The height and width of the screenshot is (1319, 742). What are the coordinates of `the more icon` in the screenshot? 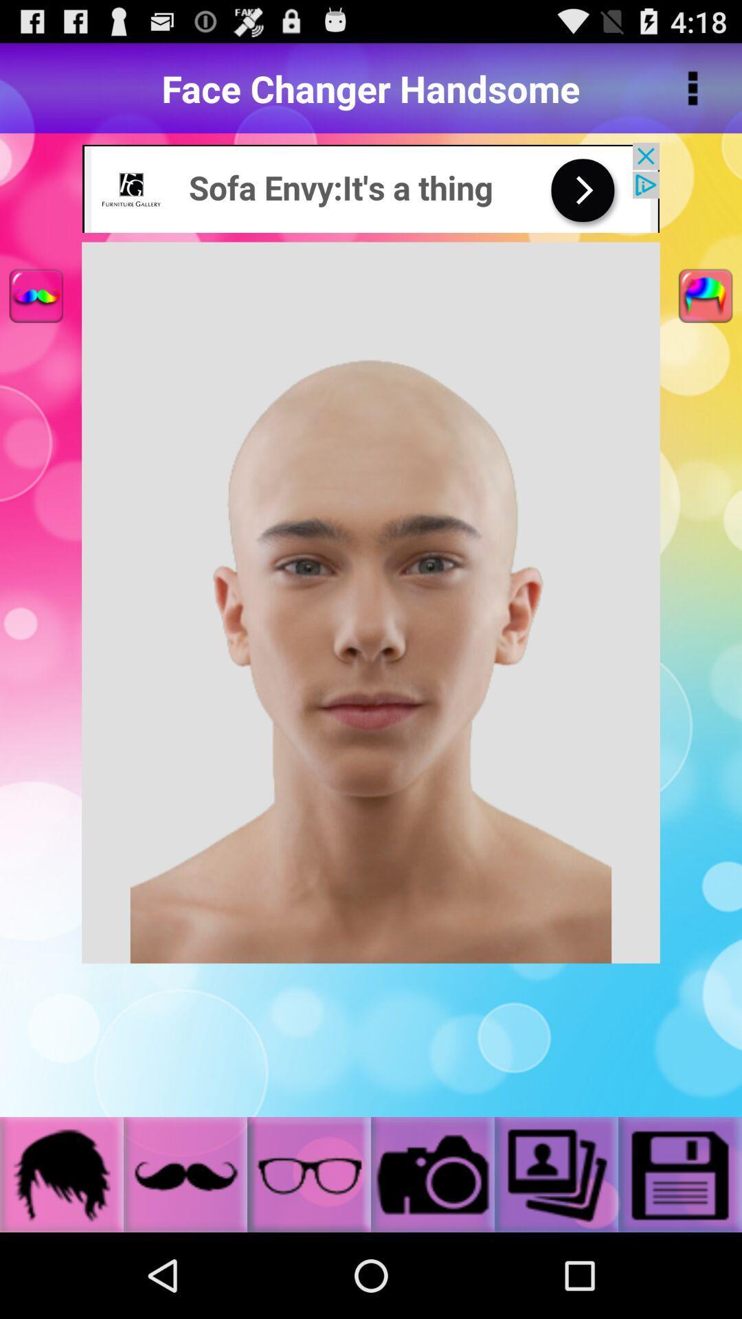 It's located at (692, 93).